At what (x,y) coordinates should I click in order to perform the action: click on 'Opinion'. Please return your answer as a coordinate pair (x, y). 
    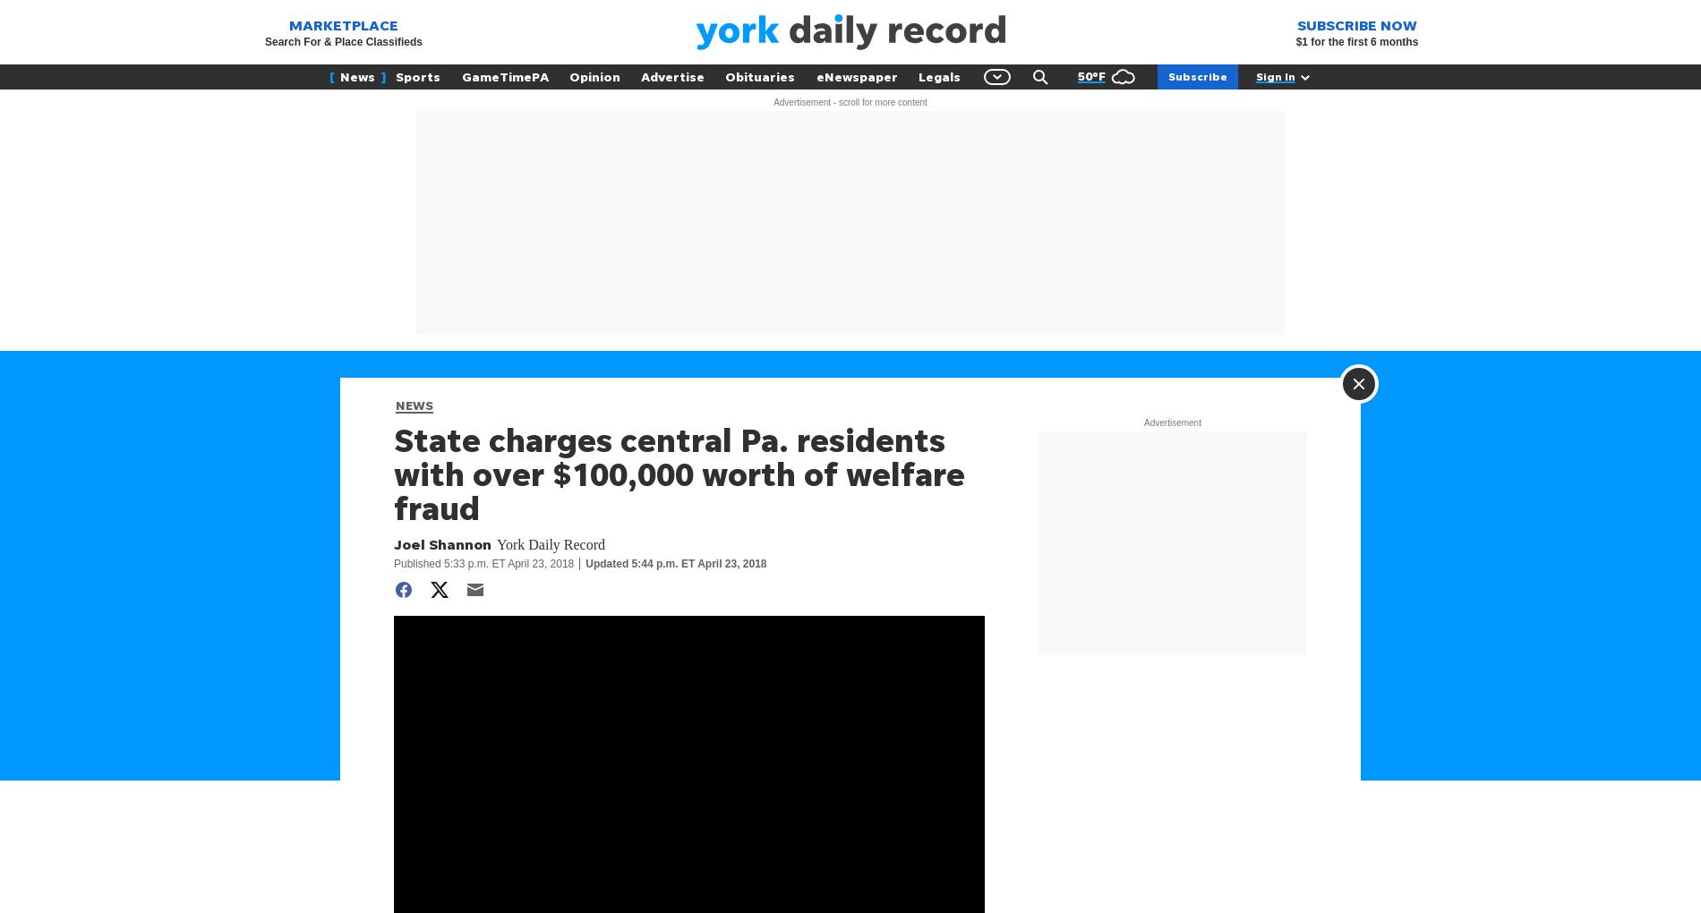
    Looking at the image, I should click on (594, 76).